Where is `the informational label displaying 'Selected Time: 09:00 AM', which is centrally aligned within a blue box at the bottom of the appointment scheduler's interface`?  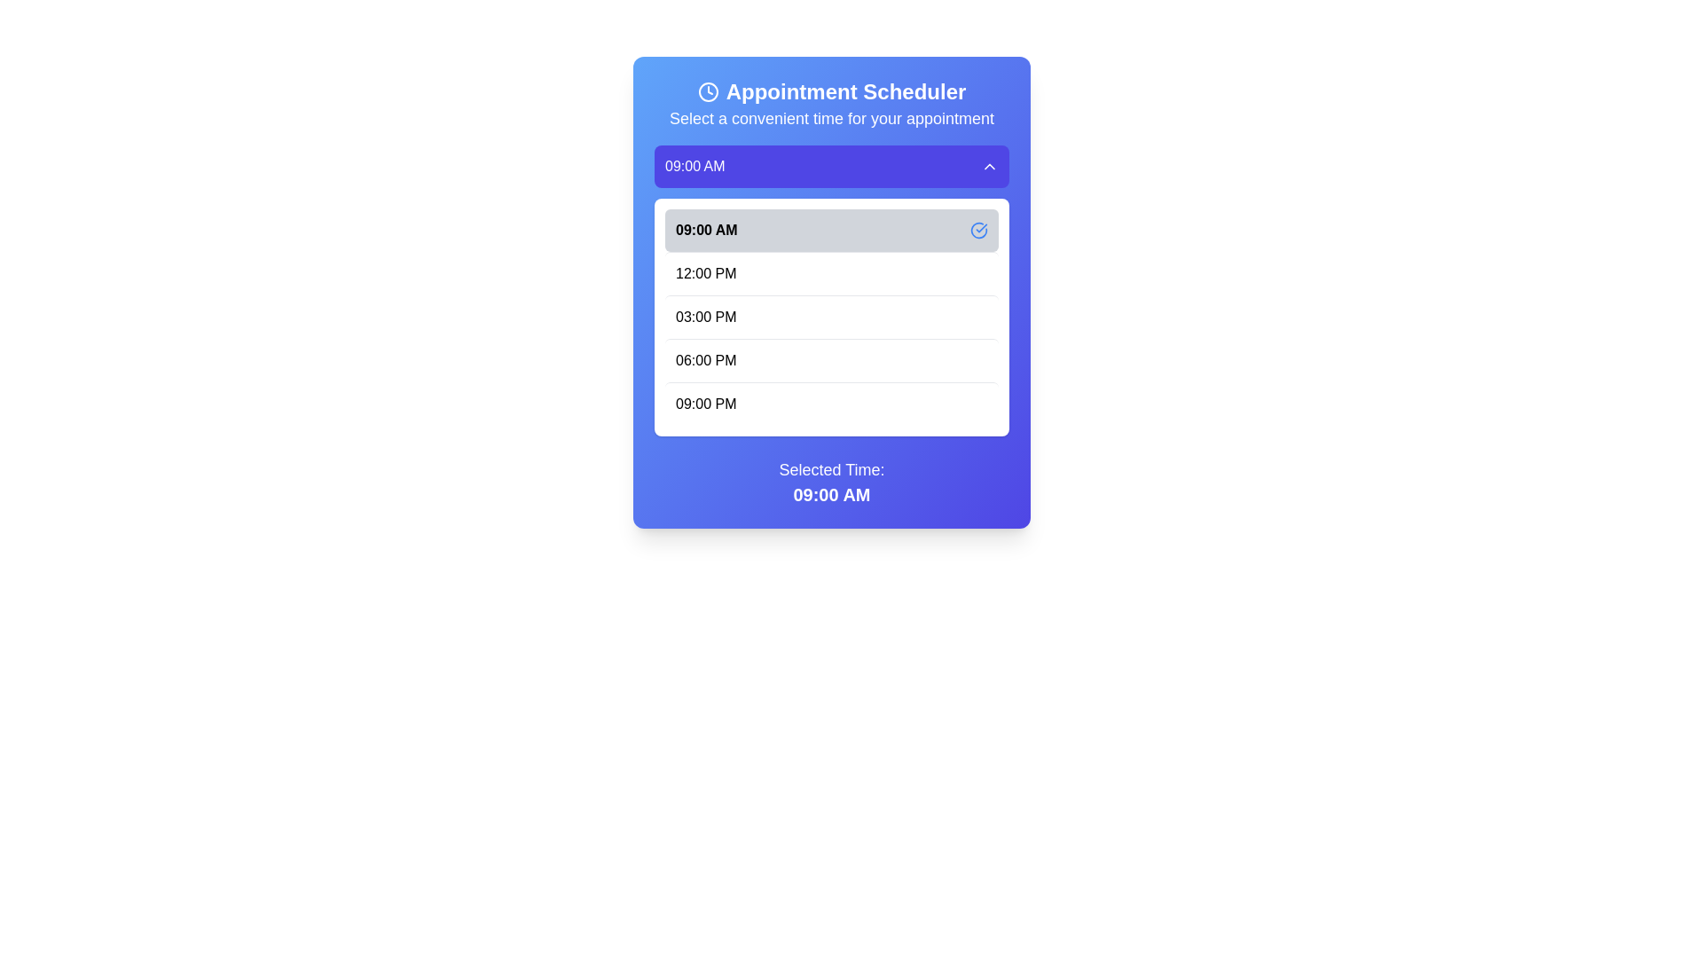 the informational label displaying 'Selected Time: 09:00 AM', which is centrally aligned within a blue box at the bottom of the appointment scheduler's interface is located at coordinates (830, 482).